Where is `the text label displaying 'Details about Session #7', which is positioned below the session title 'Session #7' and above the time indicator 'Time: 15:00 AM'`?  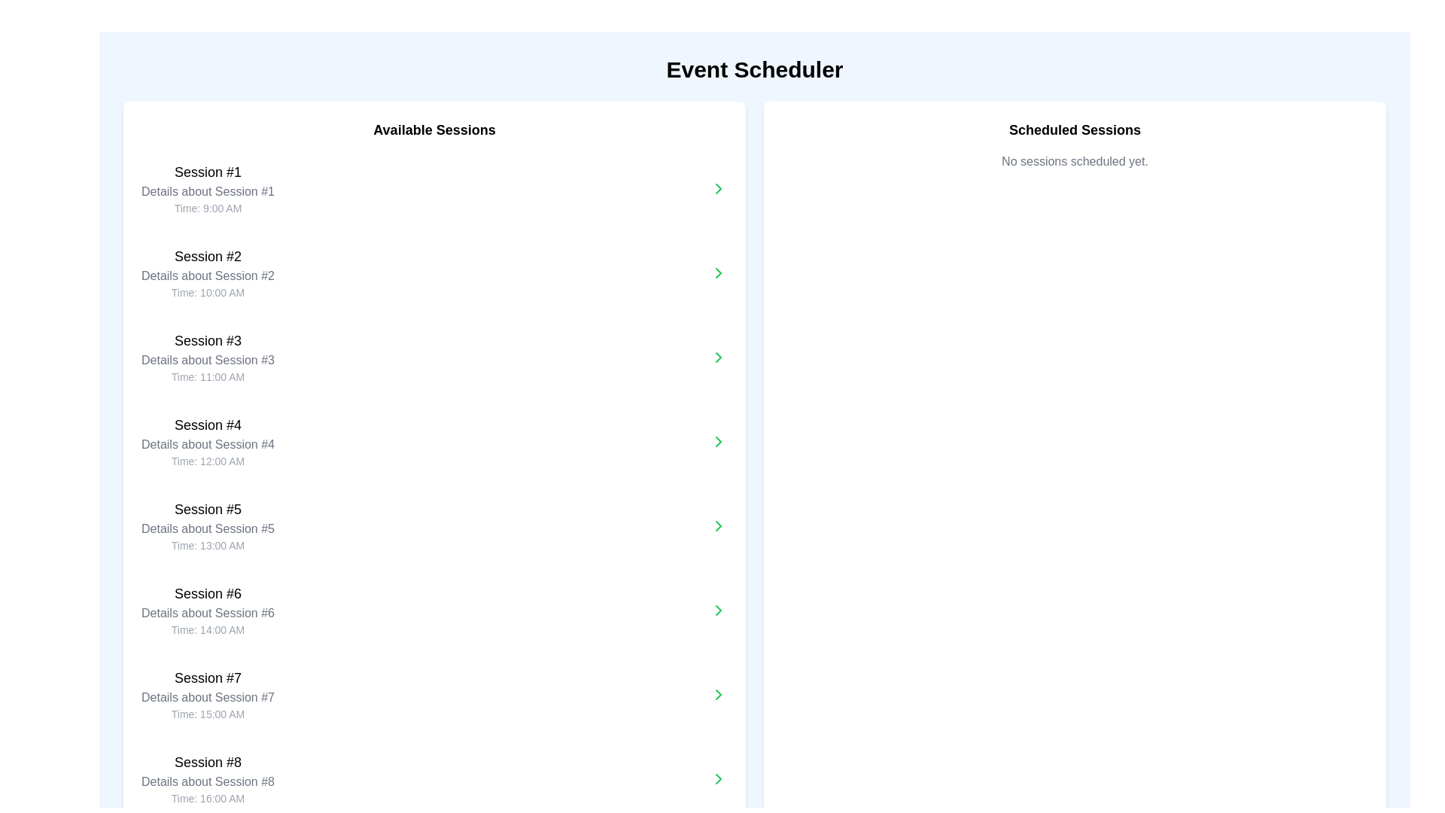
the text label displaying 'Details about Session #7', which is positioned below the session title 'Session #7' and above the time indicator 'Time: 15:00 AM' is located at coordinates (207, 697).